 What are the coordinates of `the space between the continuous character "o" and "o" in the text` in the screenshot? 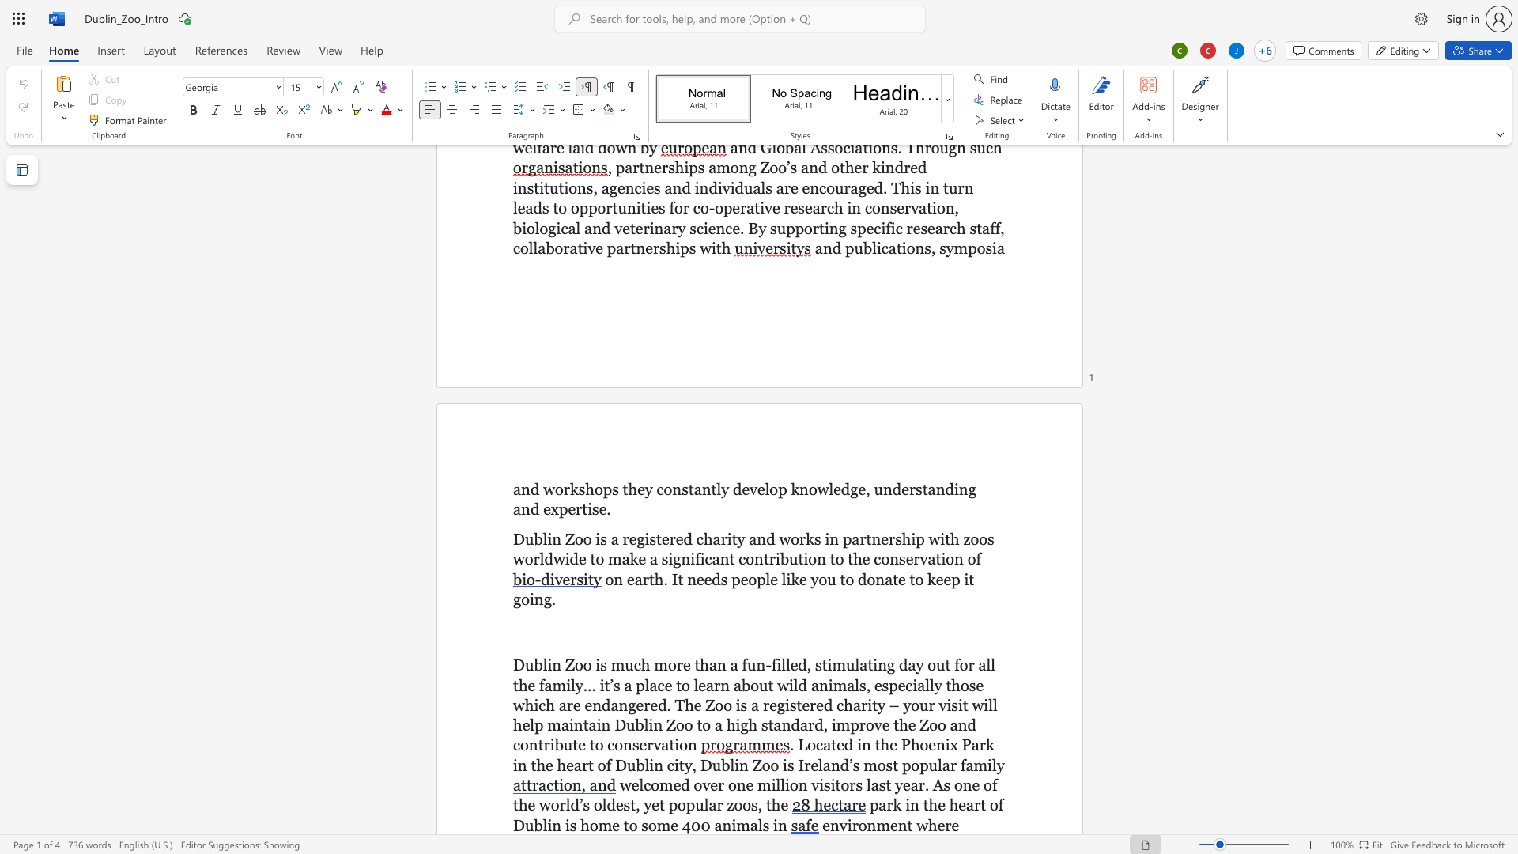 It's located at (770, 764).